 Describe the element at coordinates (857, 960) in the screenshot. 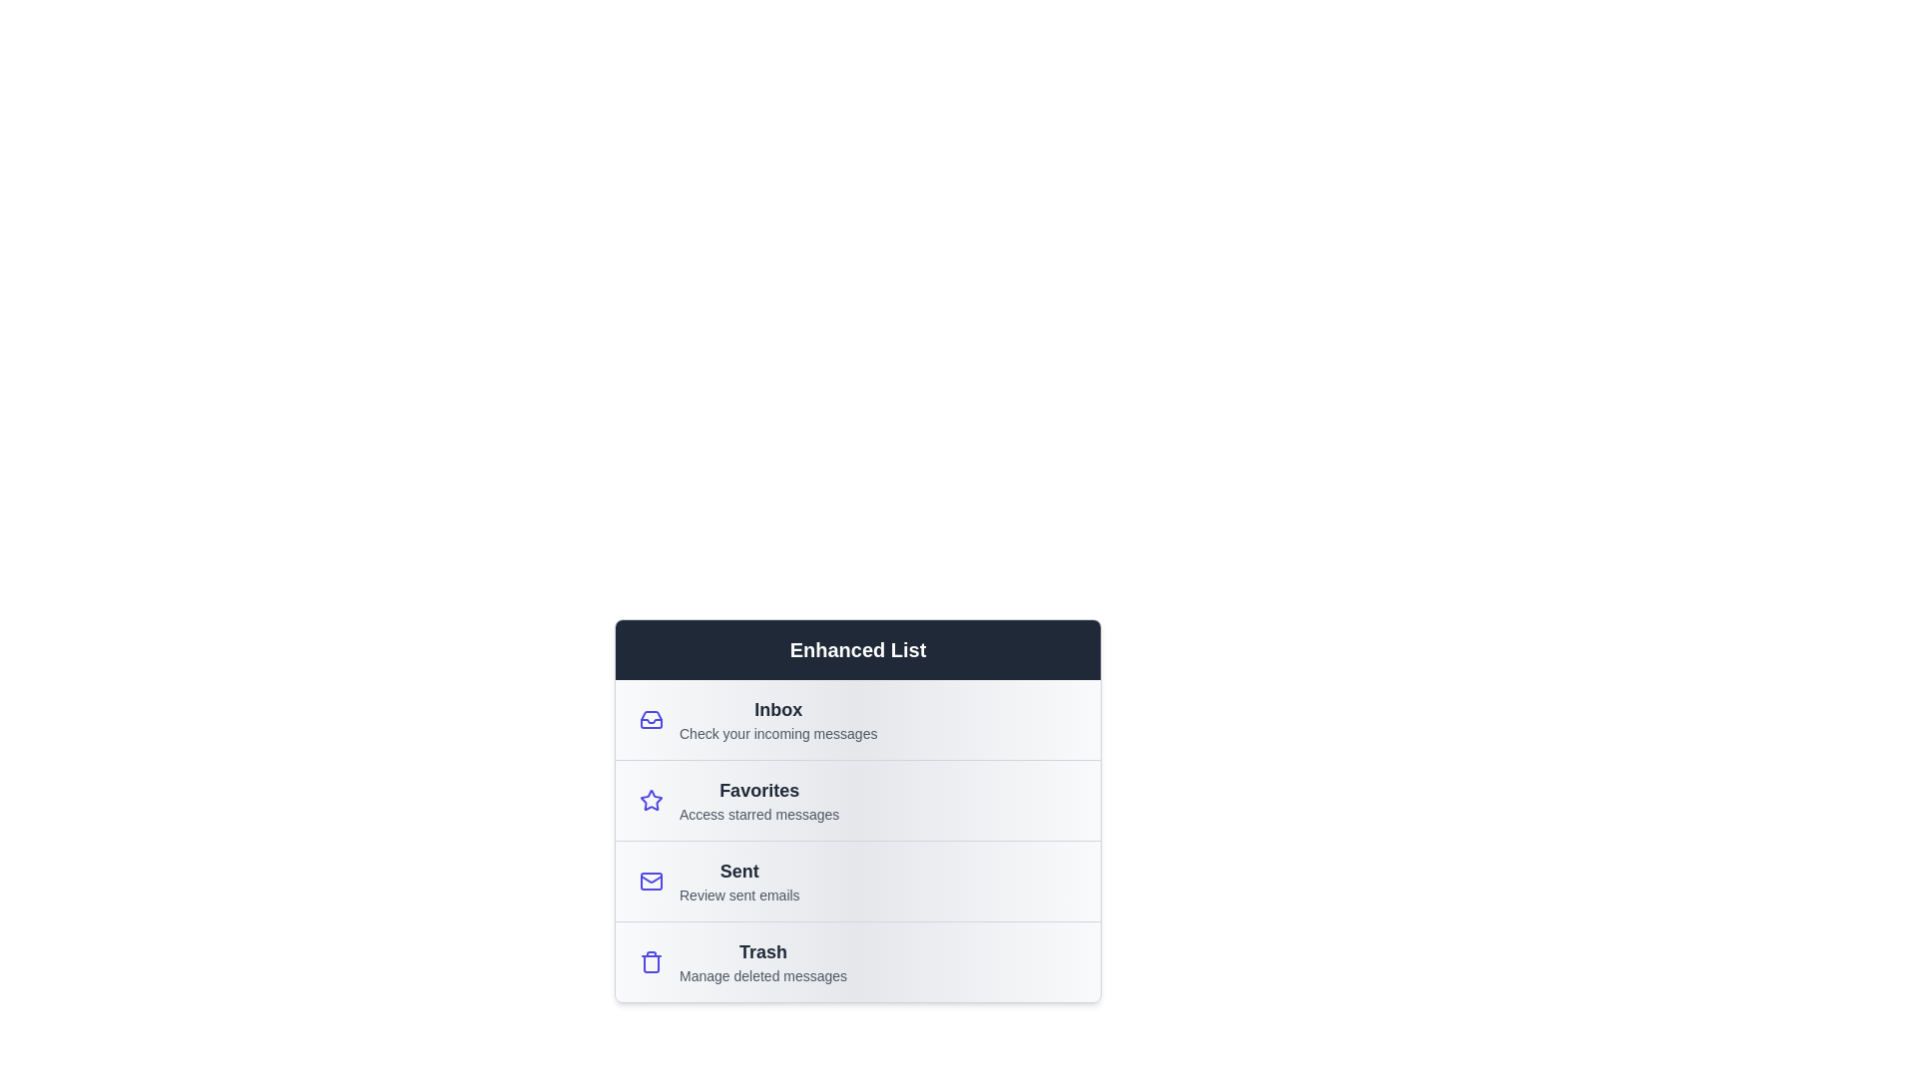

I see `the fourth menu item titled 'Trash' in the vertical list 'Enhanced List'` at that location.